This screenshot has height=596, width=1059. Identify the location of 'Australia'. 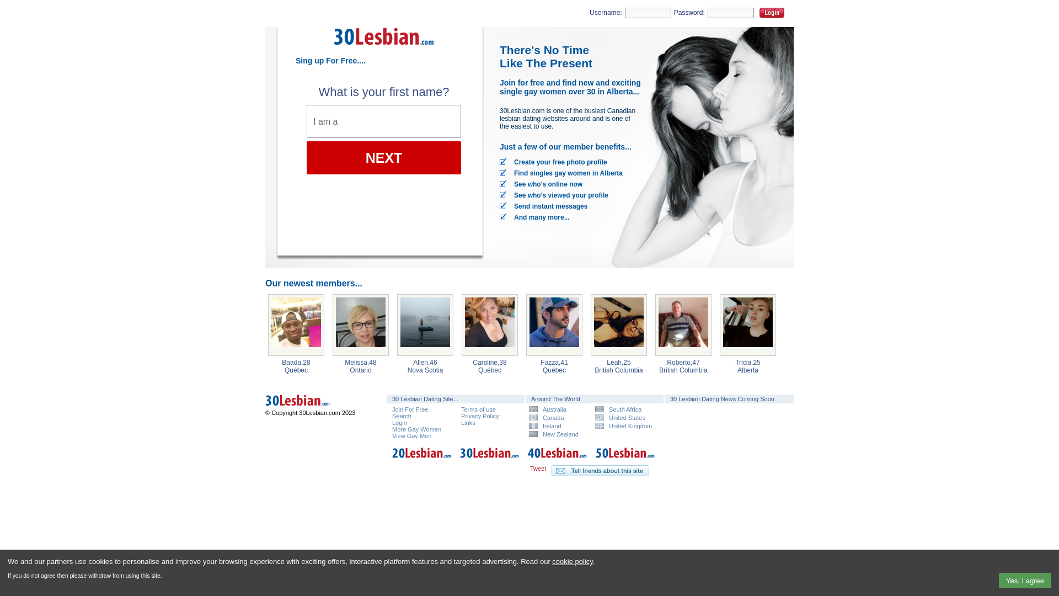
(558, 409).